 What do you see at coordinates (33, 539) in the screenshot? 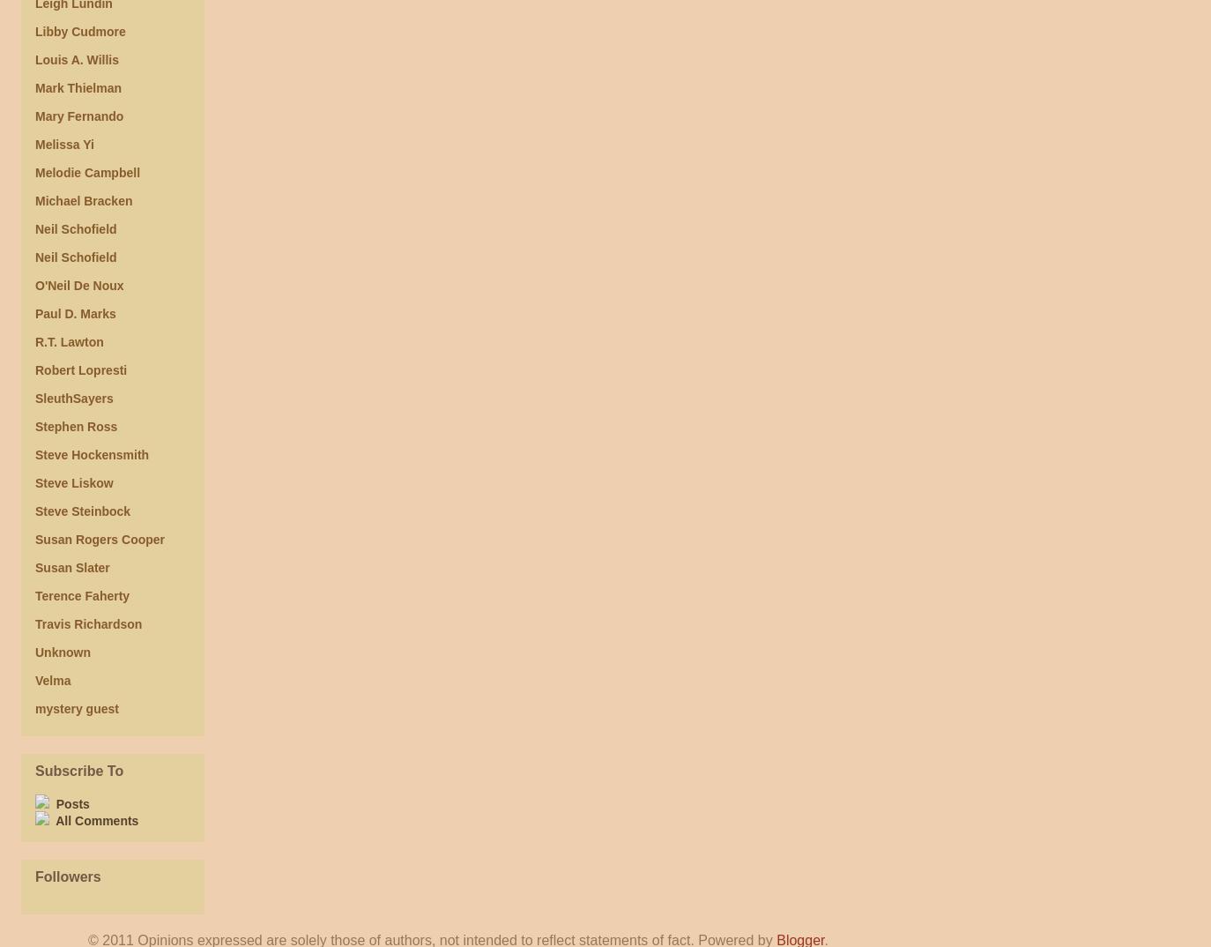
I see `'Susan Rogers Cooper'` at bounding box center [33, 539].